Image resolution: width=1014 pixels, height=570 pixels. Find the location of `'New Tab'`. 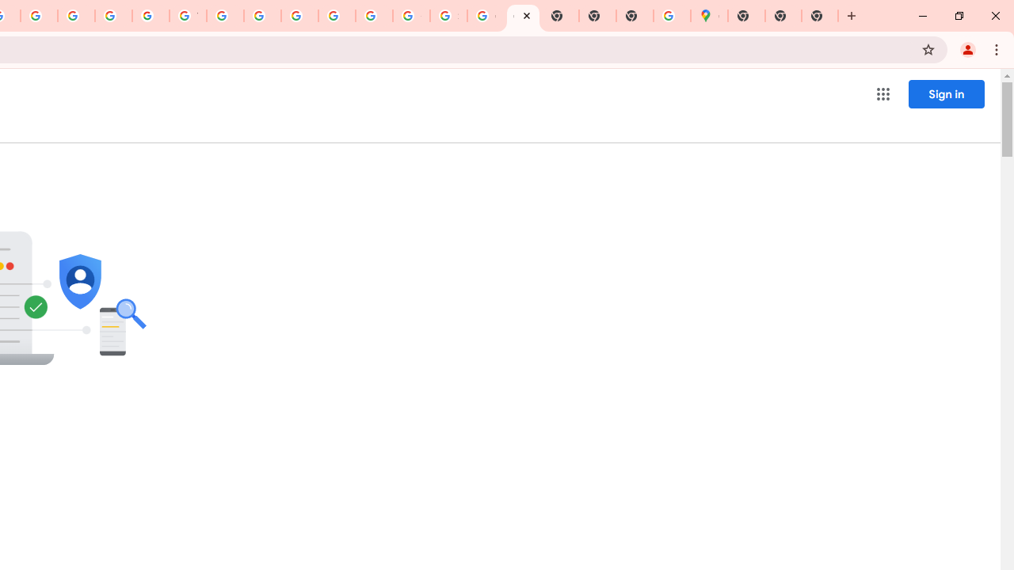

'New Tab' is located at coordinates (783, 16).